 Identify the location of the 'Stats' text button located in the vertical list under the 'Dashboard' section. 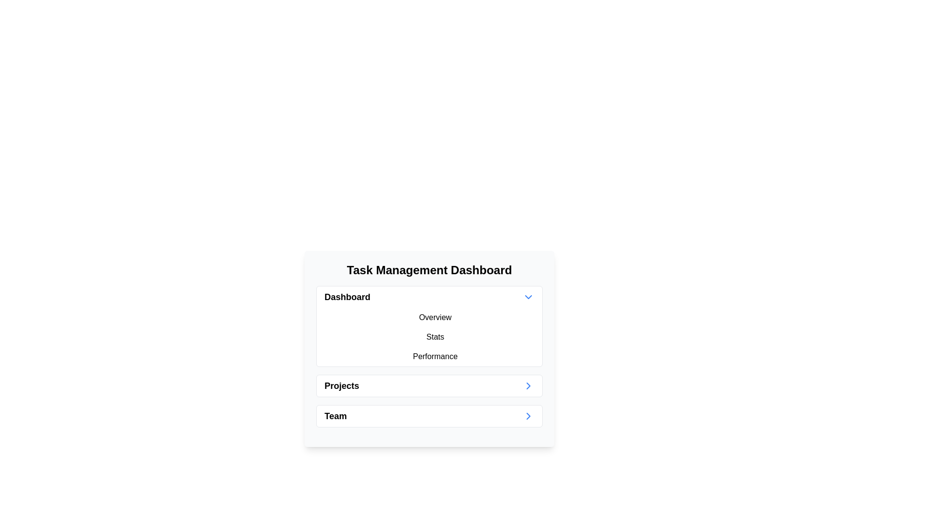
(435, 336).